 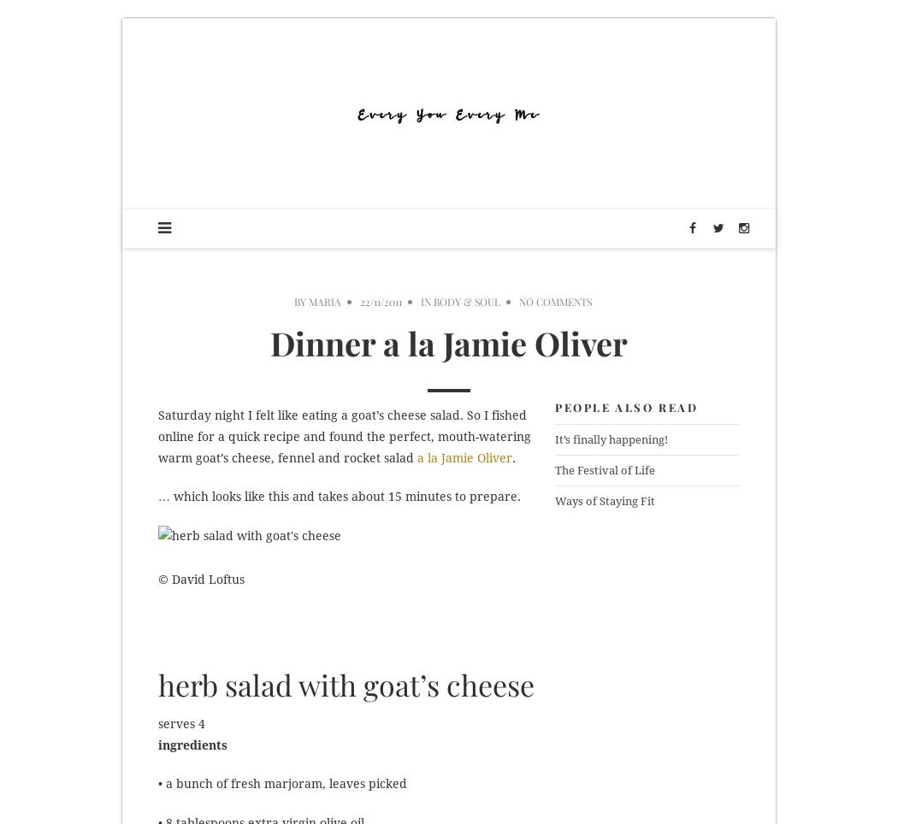 What do you see at coordinates (467, 301) in the screenshot?
I see `'Body & Soul'` at bounding box center [467, 301].